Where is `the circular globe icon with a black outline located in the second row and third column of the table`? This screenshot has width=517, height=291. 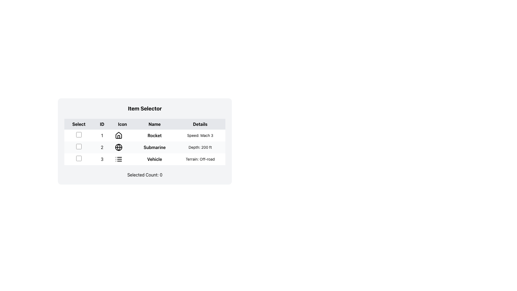 the circular globe icon with a black outline located in the second row and third column of the table is located at coordinates (118, 147).